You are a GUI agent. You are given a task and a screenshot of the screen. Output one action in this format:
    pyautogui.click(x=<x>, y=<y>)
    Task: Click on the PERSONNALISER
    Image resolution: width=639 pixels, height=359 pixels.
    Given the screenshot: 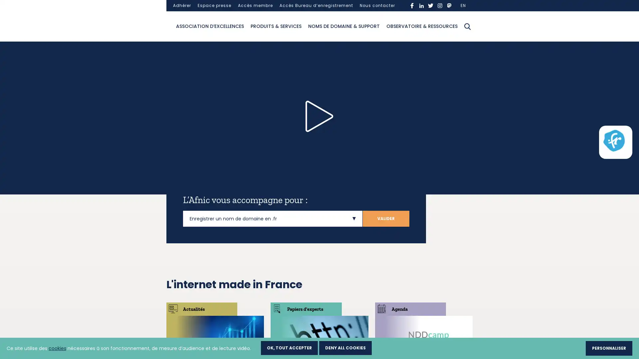 What is the action you would take?
    pyautogui.click(x=609, y=348)
    